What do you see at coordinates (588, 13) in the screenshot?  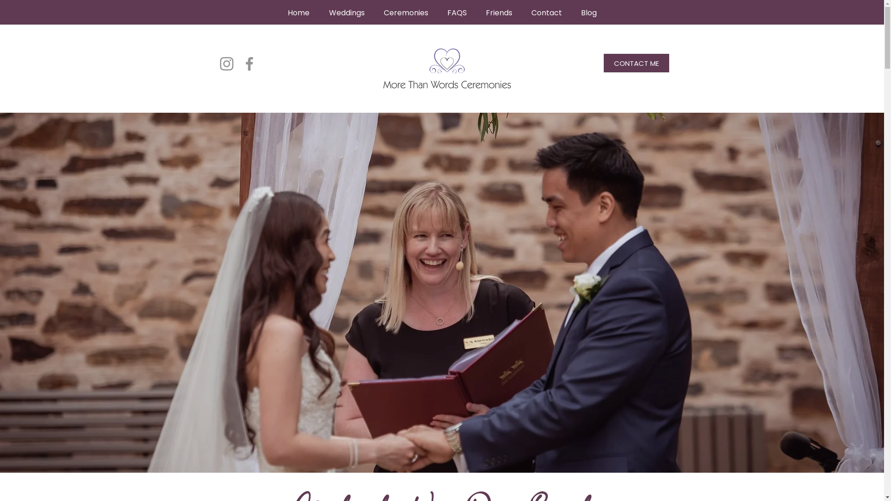 I see `'Blog'` at bounding box center [588, 13].